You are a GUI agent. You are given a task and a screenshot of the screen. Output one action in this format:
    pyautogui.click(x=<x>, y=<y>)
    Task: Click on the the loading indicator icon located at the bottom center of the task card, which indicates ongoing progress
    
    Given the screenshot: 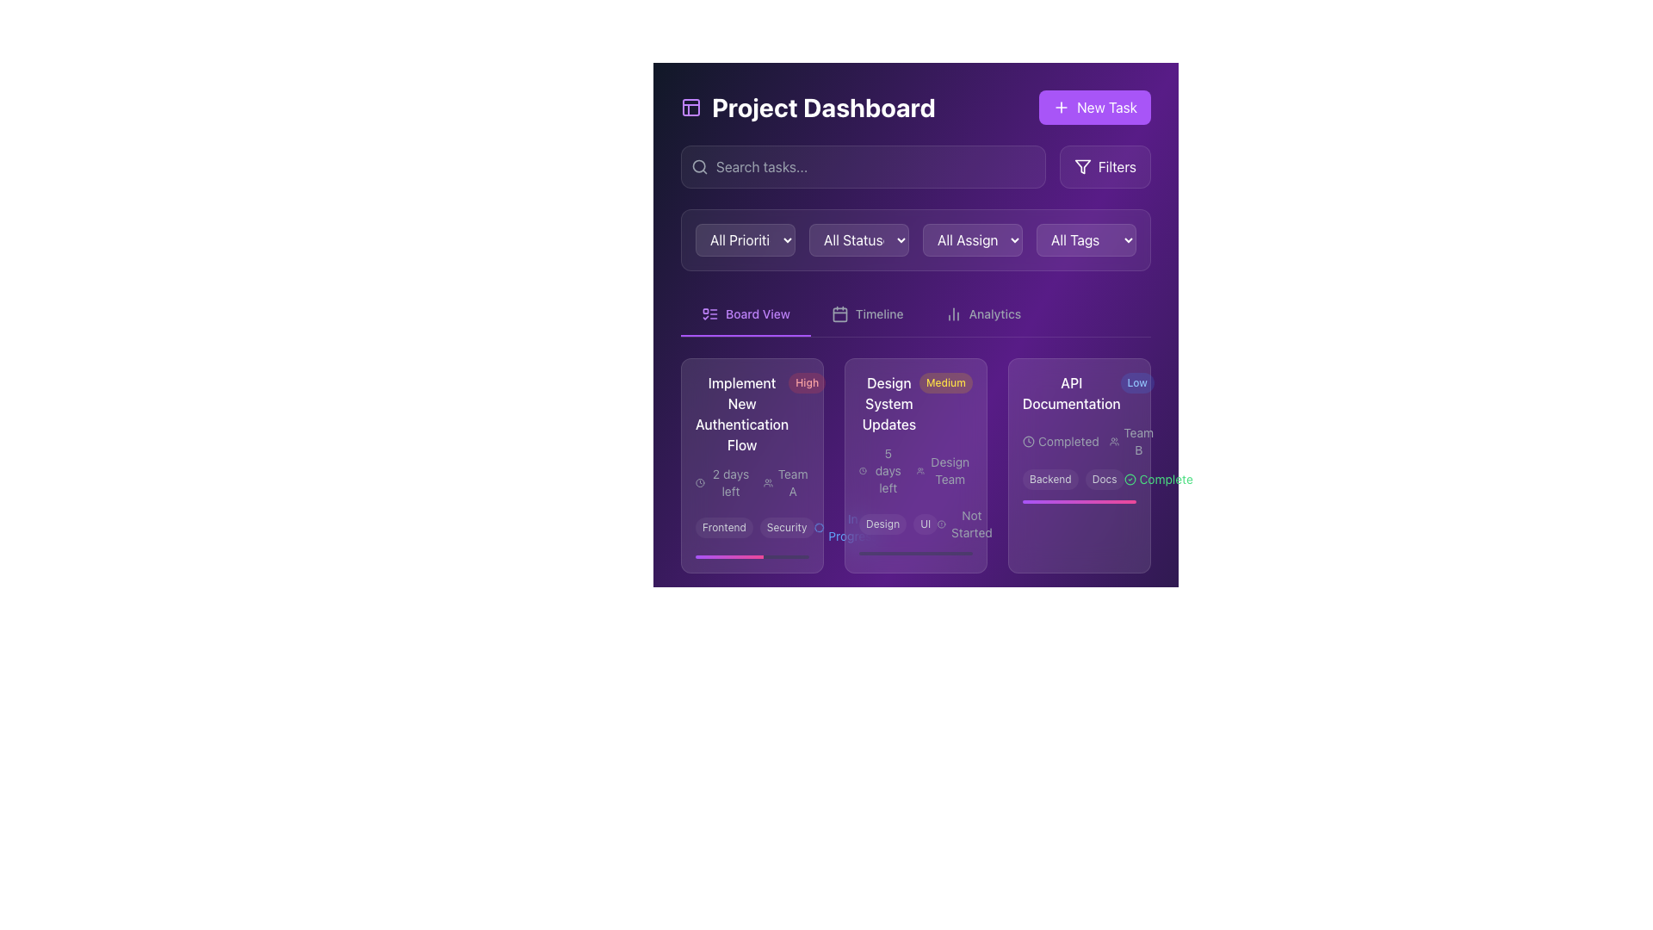 What is the action you would take?
    pyautogui.click(x=818, y=527)
    